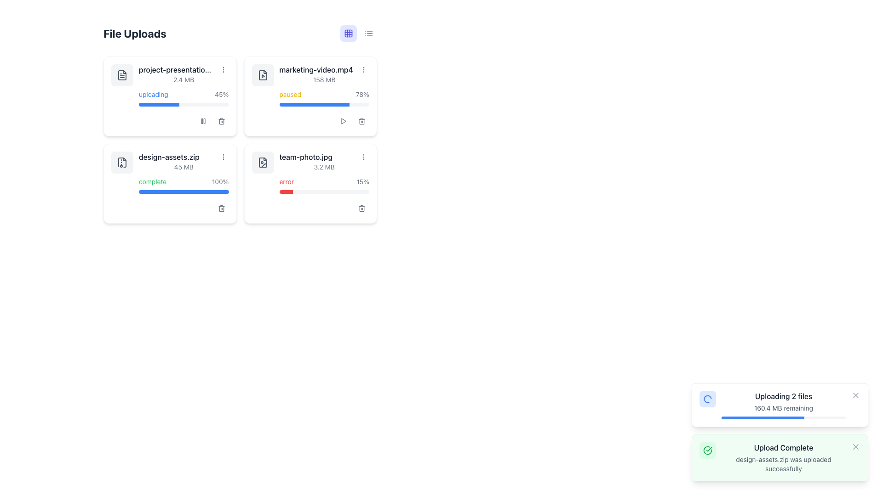 This screenshot has height=496, width=883. What do you see at coordinates (783, 447) in the screenshot?
I see `the static text element displaying 'Upload Complete' in the lower right corner of the interface` at bounding box center [783, 447].